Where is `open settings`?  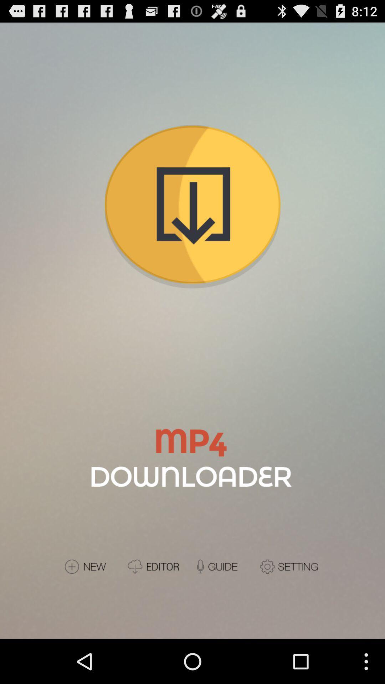
open settings is located at coordinates (290, 566).